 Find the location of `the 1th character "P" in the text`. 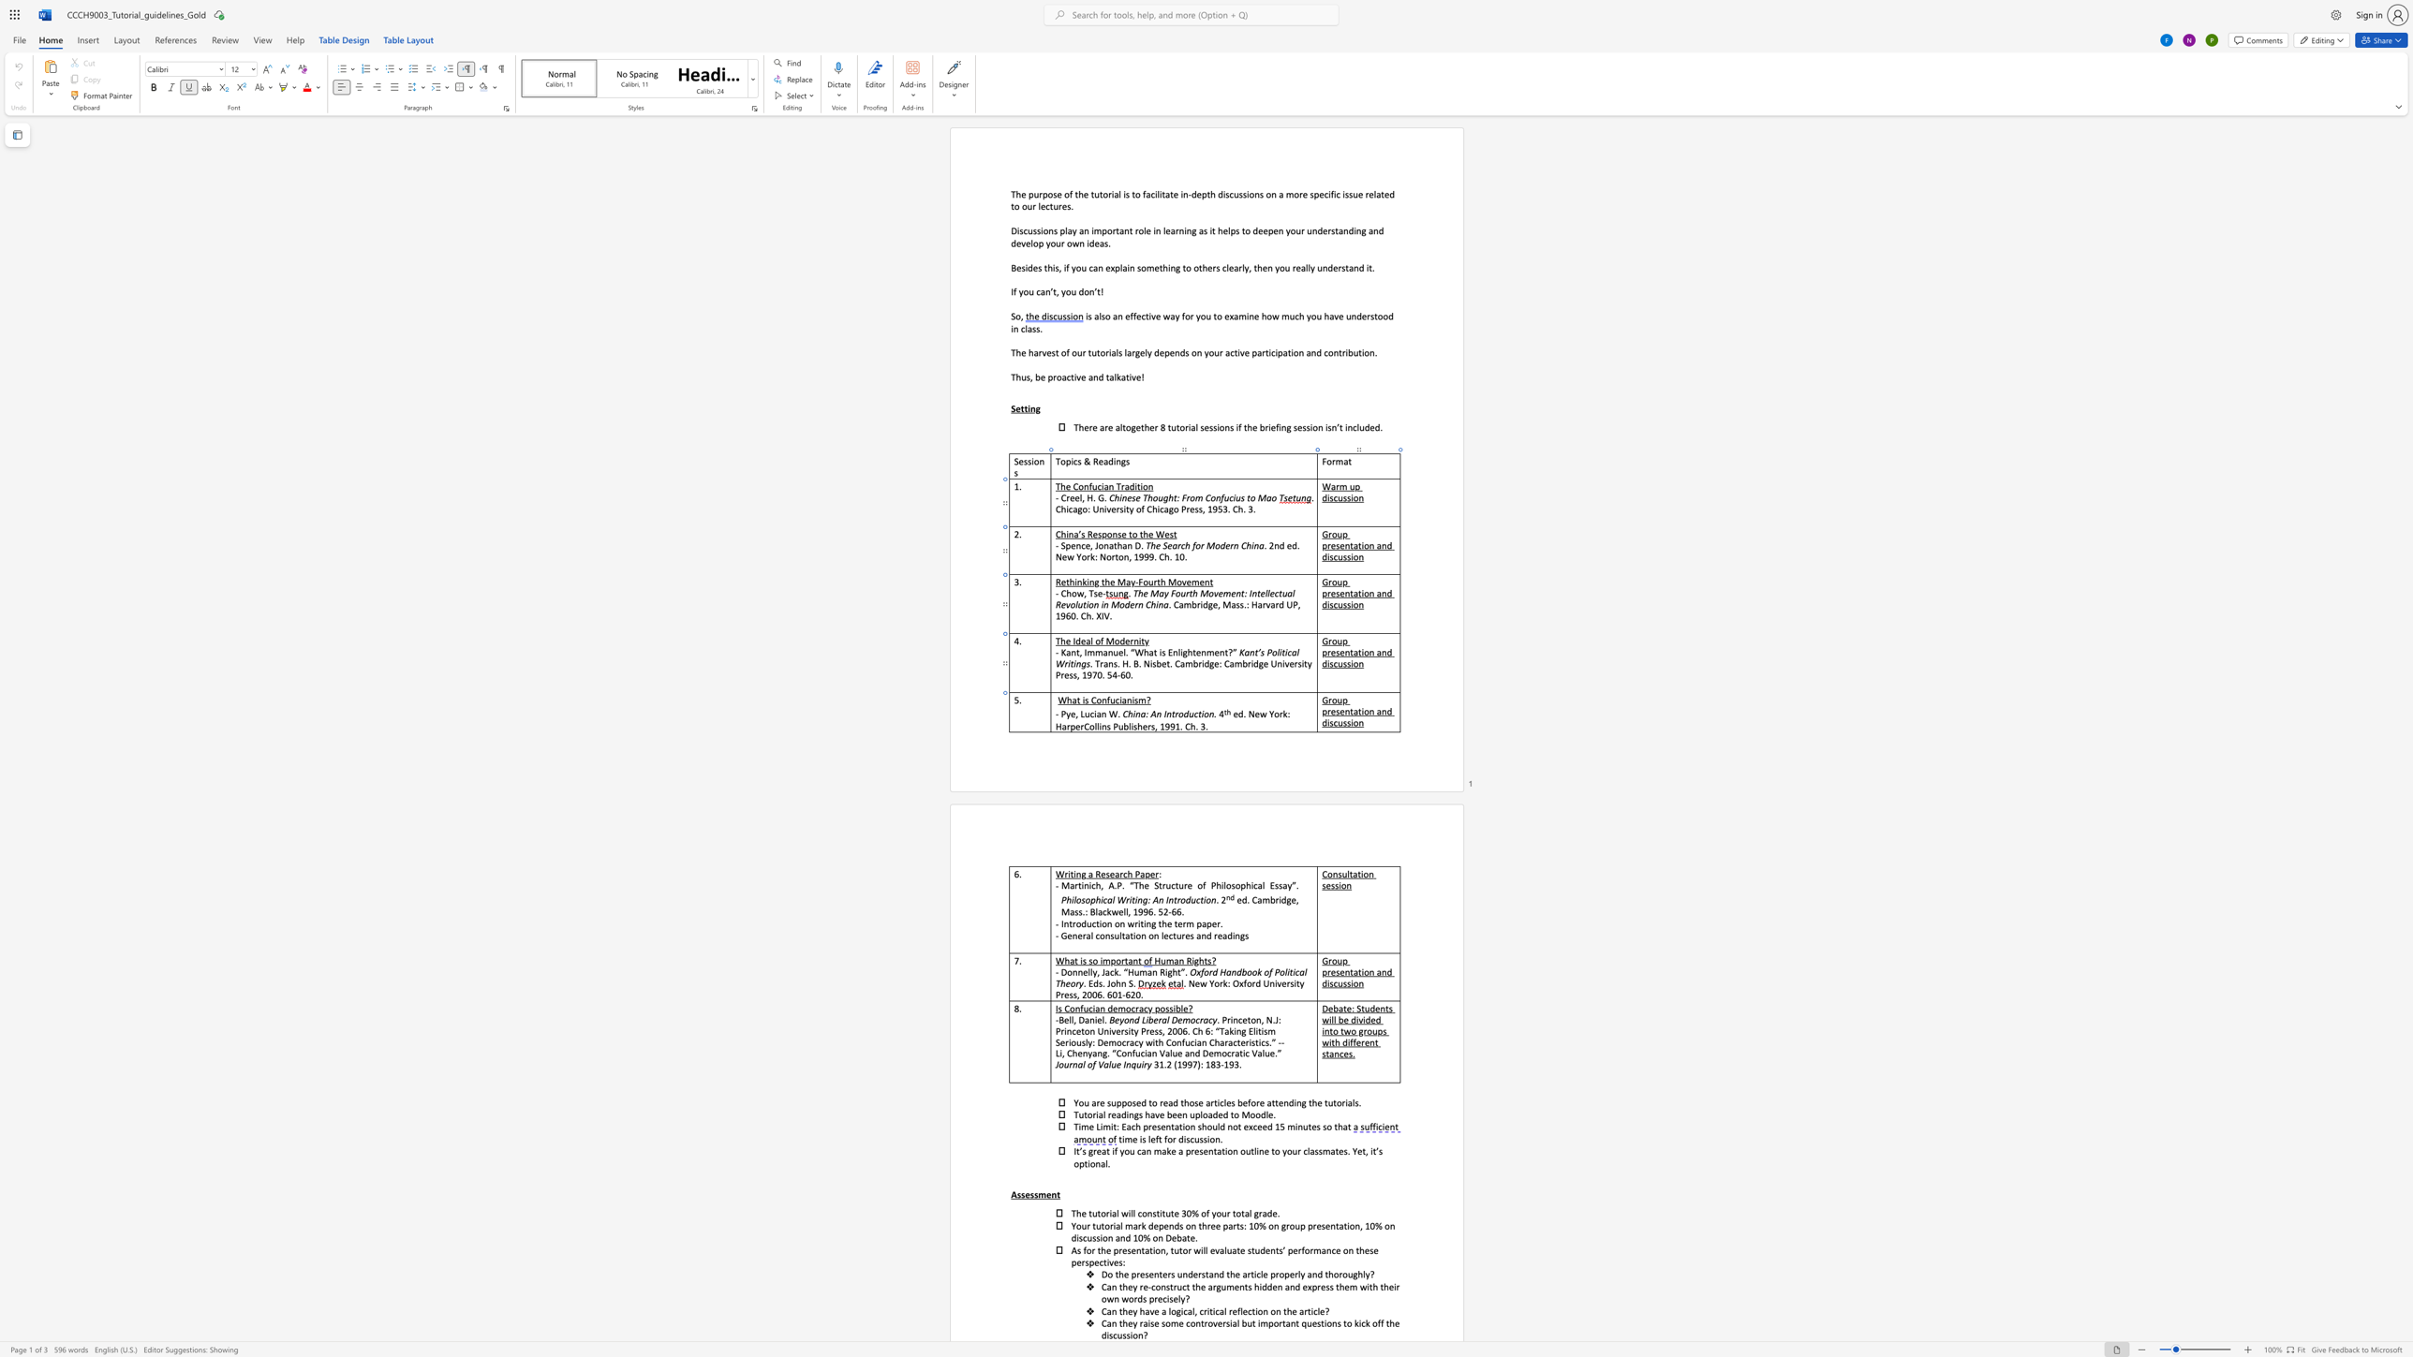

the 1th character "P" in the text is located at coordinates (1062, 715).